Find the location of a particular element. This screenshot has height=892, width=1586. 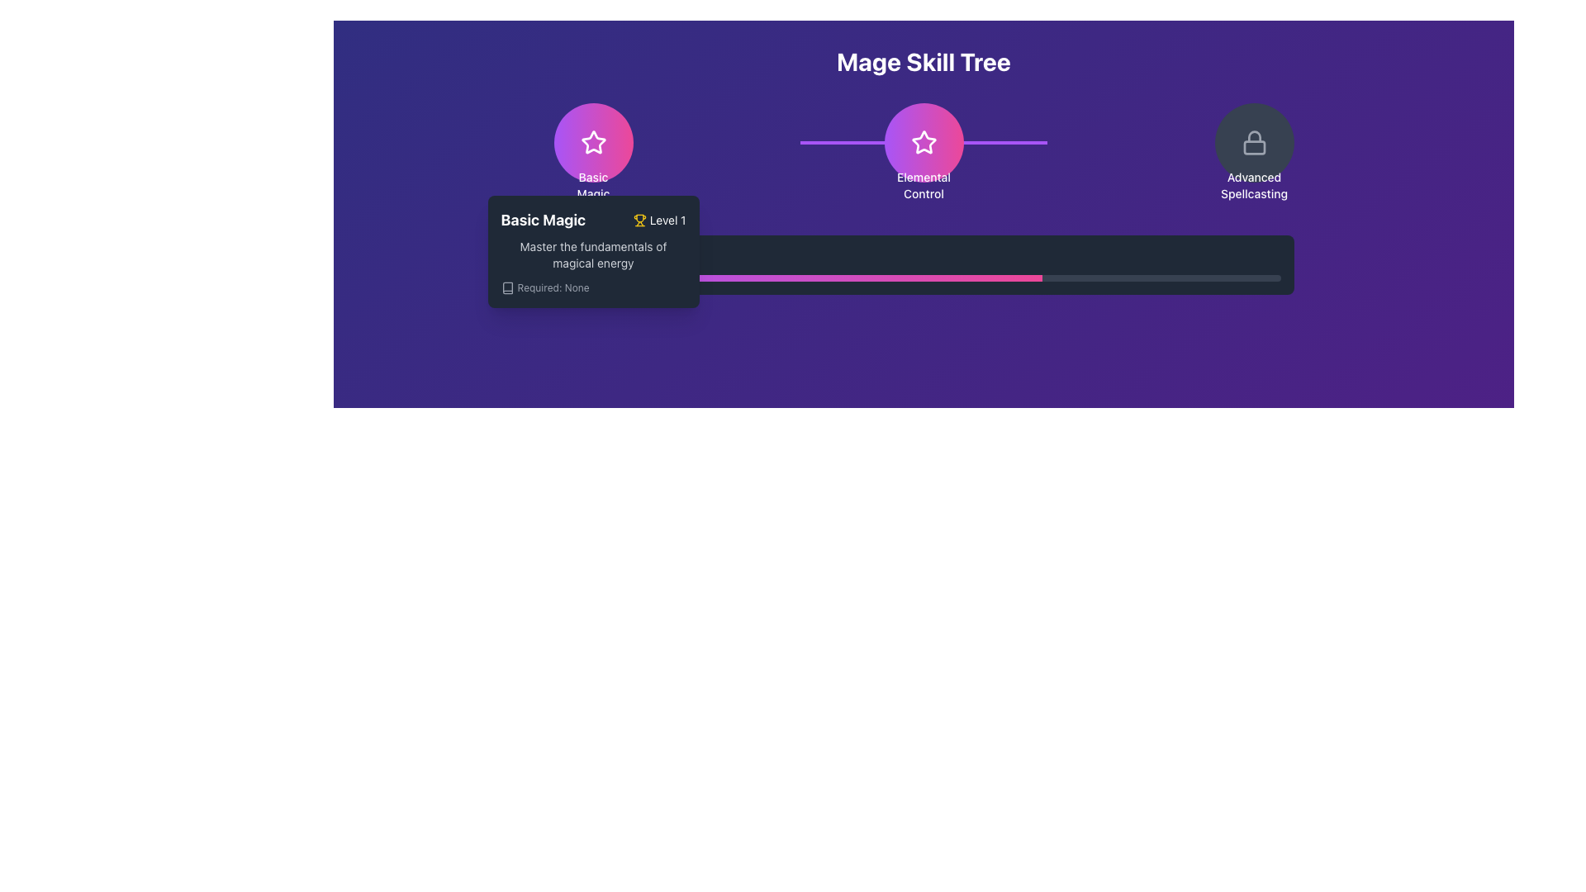

the circular icon labeled 'Elemental Control' which features a gradient background from purple to pink and a white star-shaped icon inside is located at coordinates (923, 142).